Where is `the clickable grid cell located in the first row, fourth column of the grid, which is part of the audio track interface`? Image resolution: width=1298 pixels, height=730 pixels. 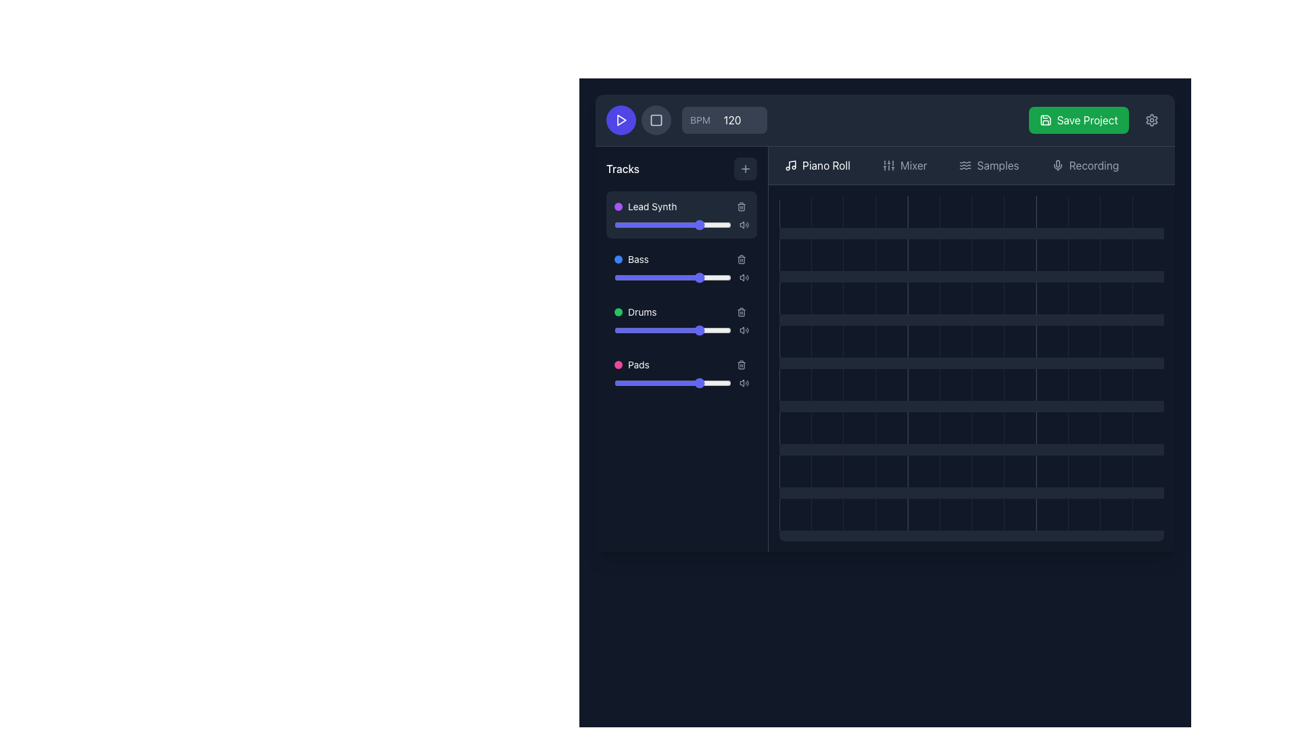
the clickable grid cell located in the first row, fourth column of the grid, which is part of the audio track interface is located at coordinates (891, 212).